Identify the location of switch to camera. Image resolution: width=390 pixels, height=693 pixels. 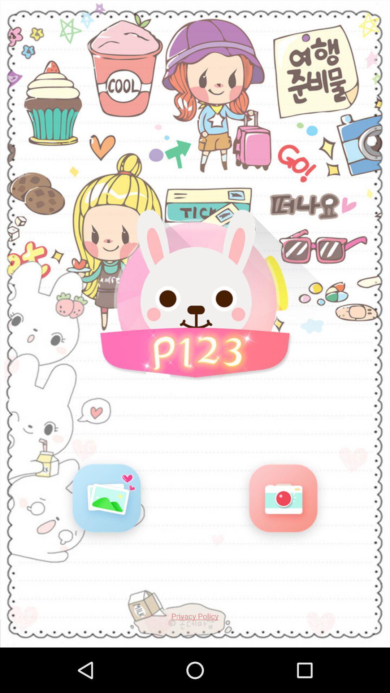
(283, 501).